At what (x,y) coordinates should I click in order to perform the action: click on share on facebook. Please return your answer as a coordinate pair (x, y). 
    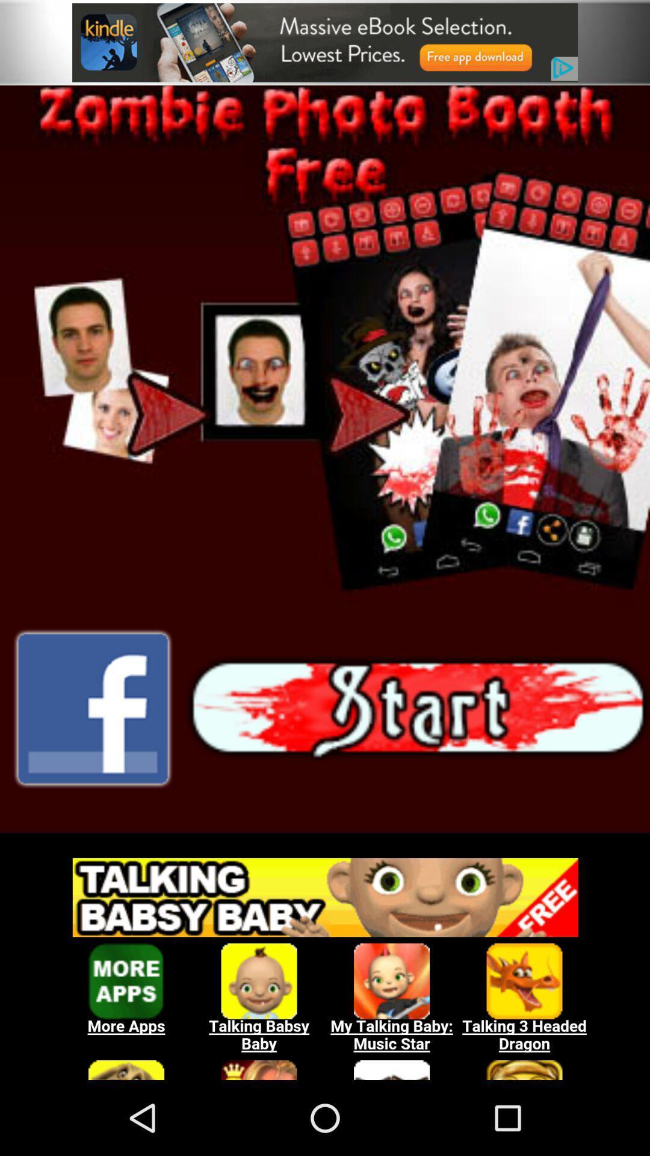
    Looking at the image, I should click on (92, 709).